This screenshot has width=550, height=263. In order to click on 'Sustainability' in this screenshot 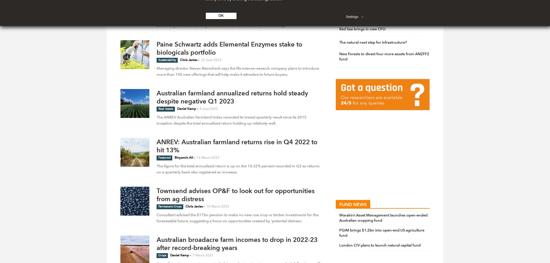, I will do `click(158, 60)`.